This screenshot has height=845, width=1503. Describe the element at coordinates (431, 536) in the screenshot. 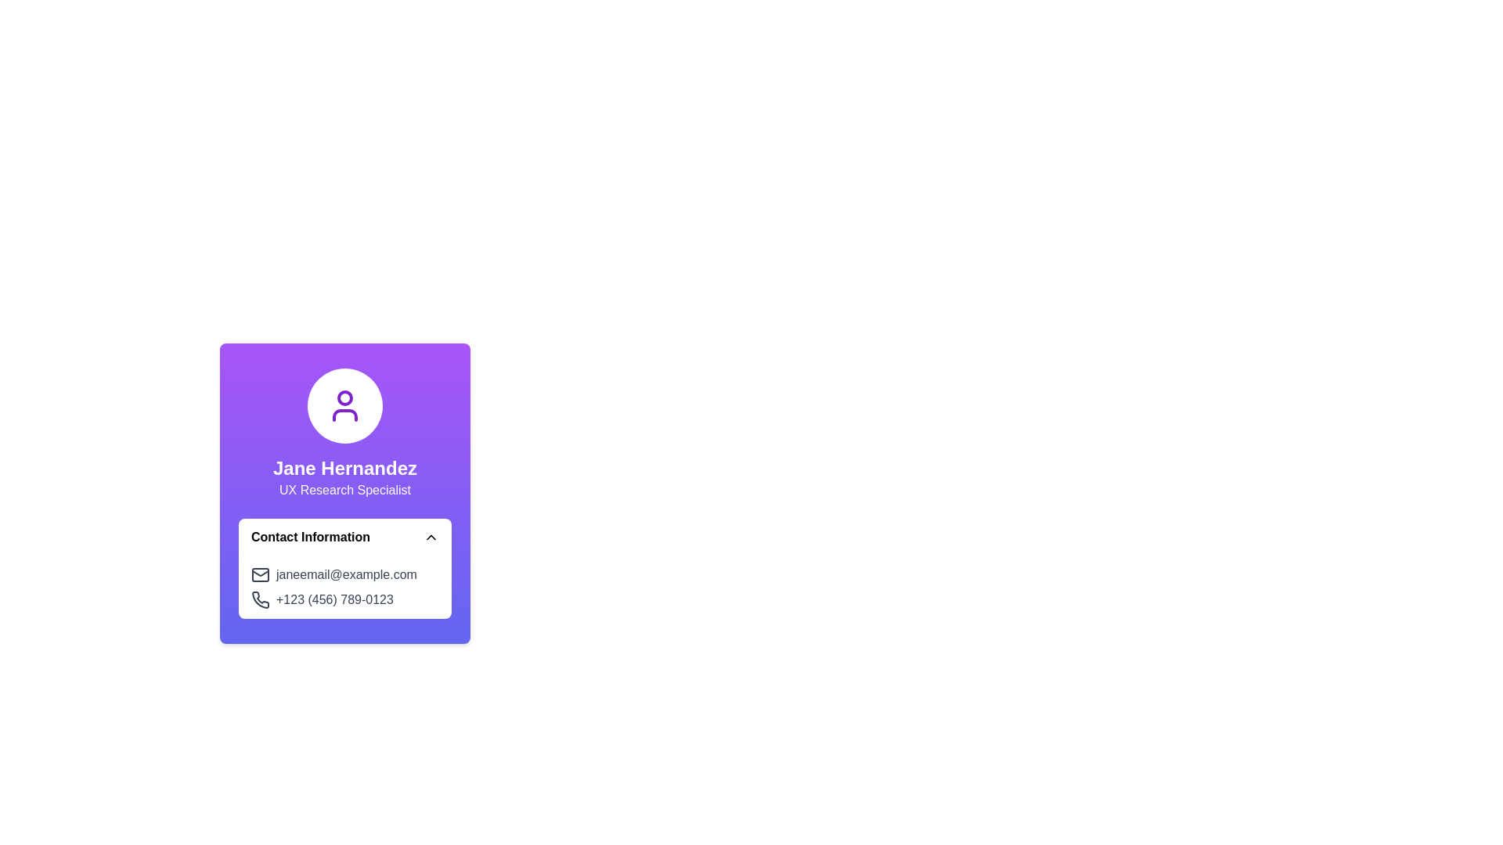

I see `the downward-pointing chevron icon located to the right of the 'Contact Information' text` at that location.